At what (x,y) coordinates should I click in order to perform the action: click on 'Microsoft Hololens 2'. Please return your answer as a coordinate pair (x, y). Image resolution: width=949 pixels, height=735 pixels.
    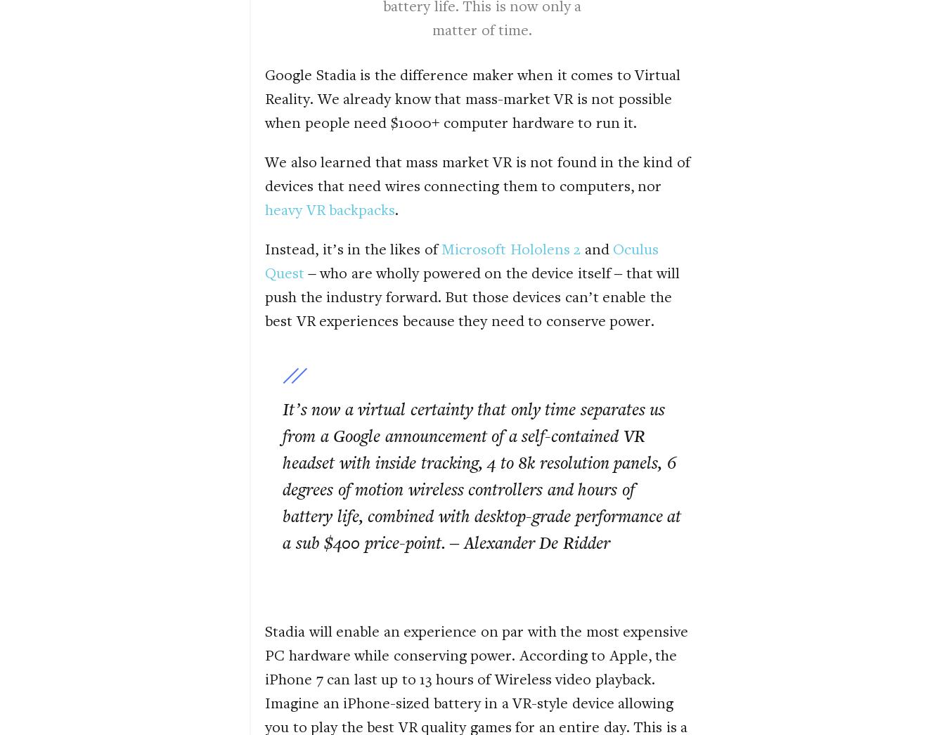
    Looking at the image, I should click on (441, 247).